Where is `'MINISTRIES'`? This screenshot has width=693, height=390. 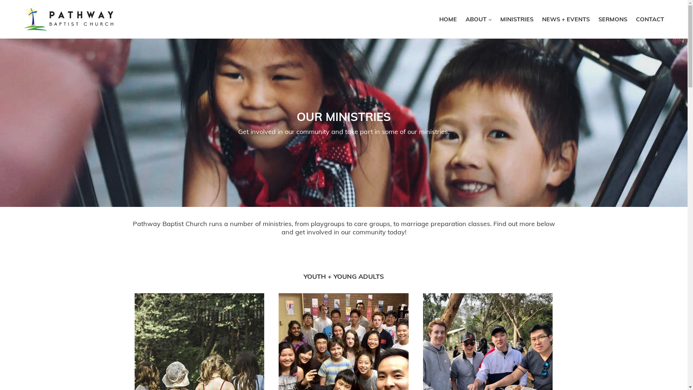 'MINISTRIES' is located at coordinates (516, 19).